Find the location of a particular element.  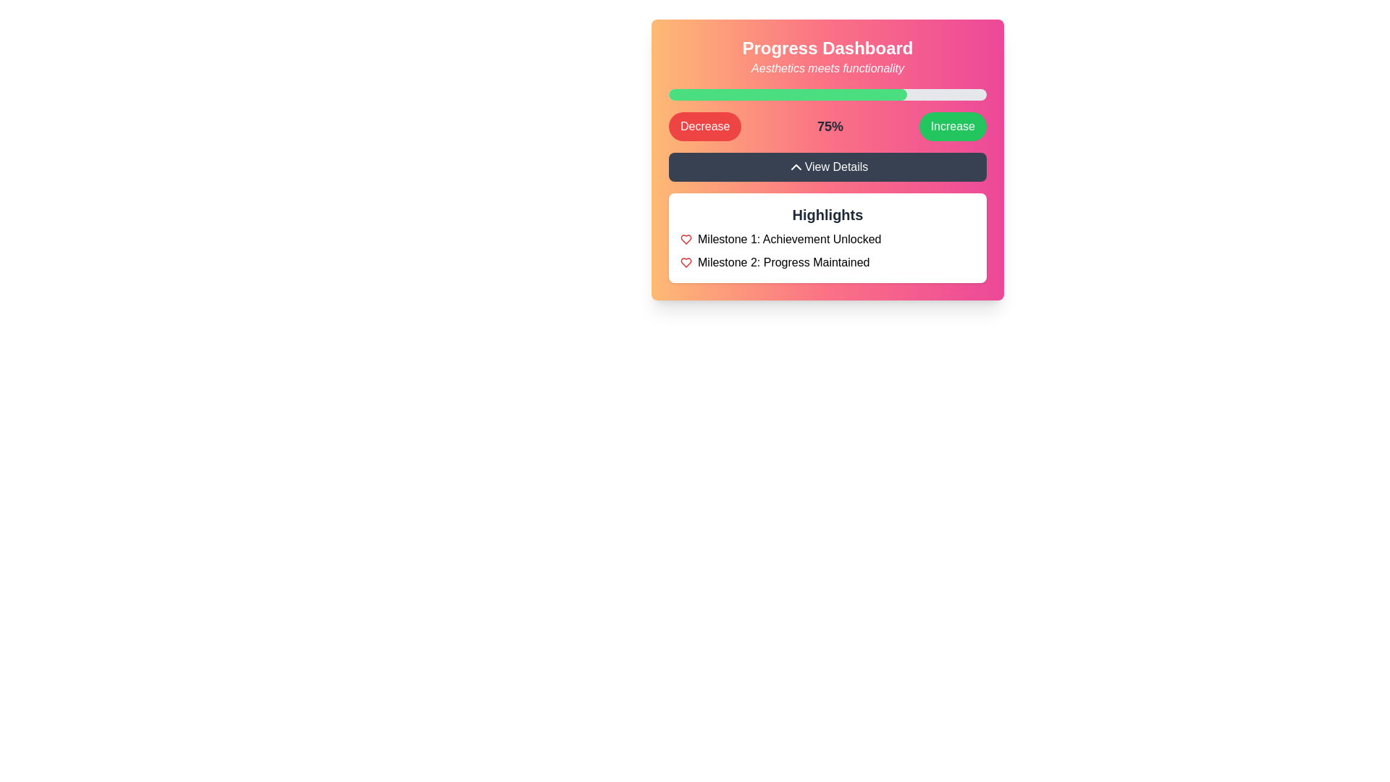

the button that reveals additional details related to the progress dashboard, which is centrally located below the progress bar and other elements is located at coordinates (827, 167).